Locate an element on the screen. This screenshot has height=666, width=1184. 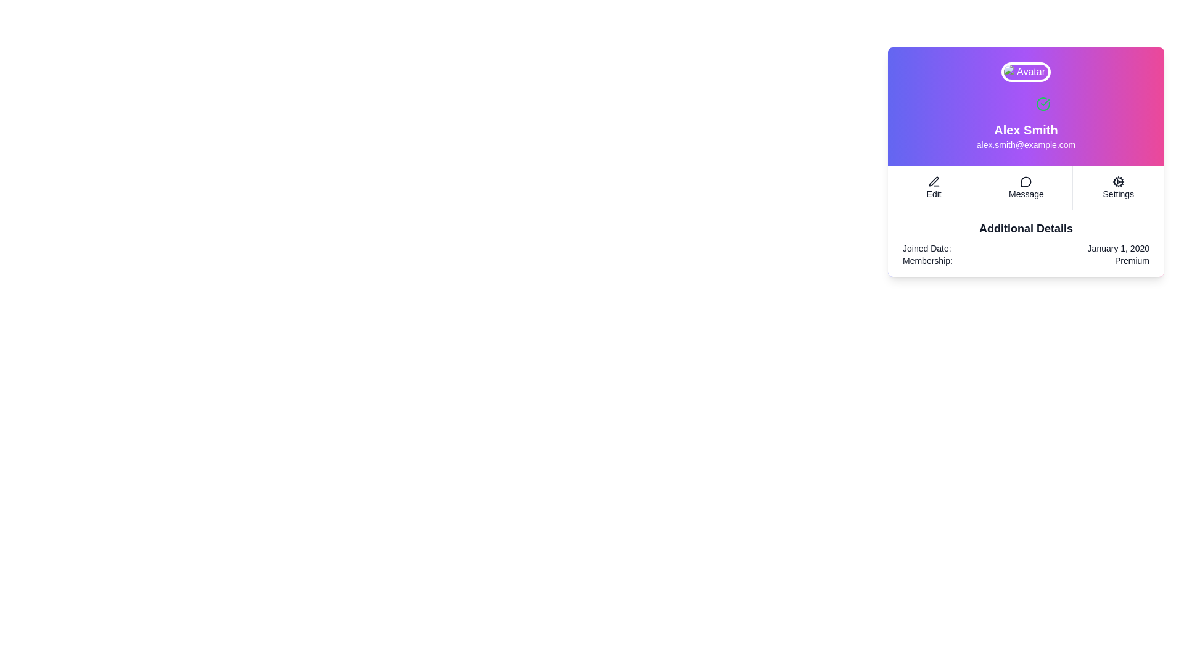
the verified status icon located at the bottom-right corner of the user's profile avatar within the profile card interface is located at coordinates (1042, 104).